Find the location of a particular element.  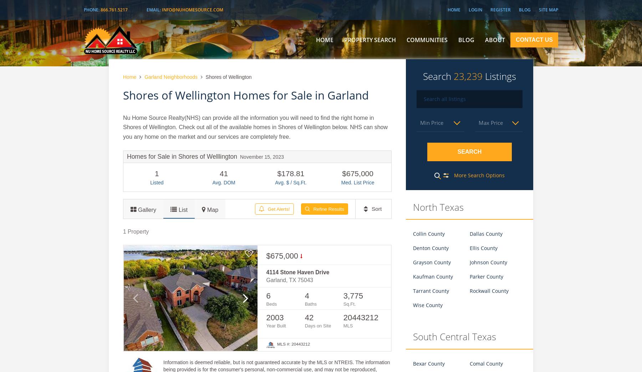

'Min Price' is located at coordinates (431, 122).